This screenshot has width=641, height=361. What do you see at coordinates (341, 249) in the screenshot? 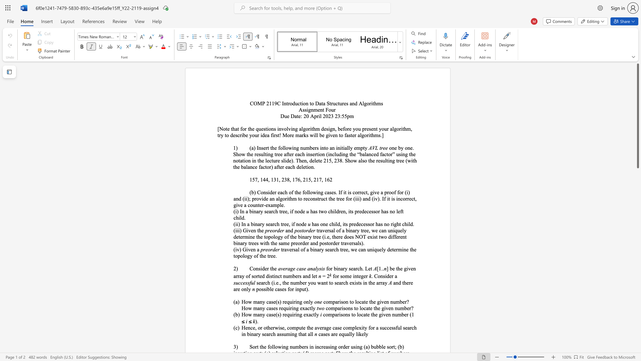
I see `the 2th character "t" in the text` at bounding box center [341, 249].